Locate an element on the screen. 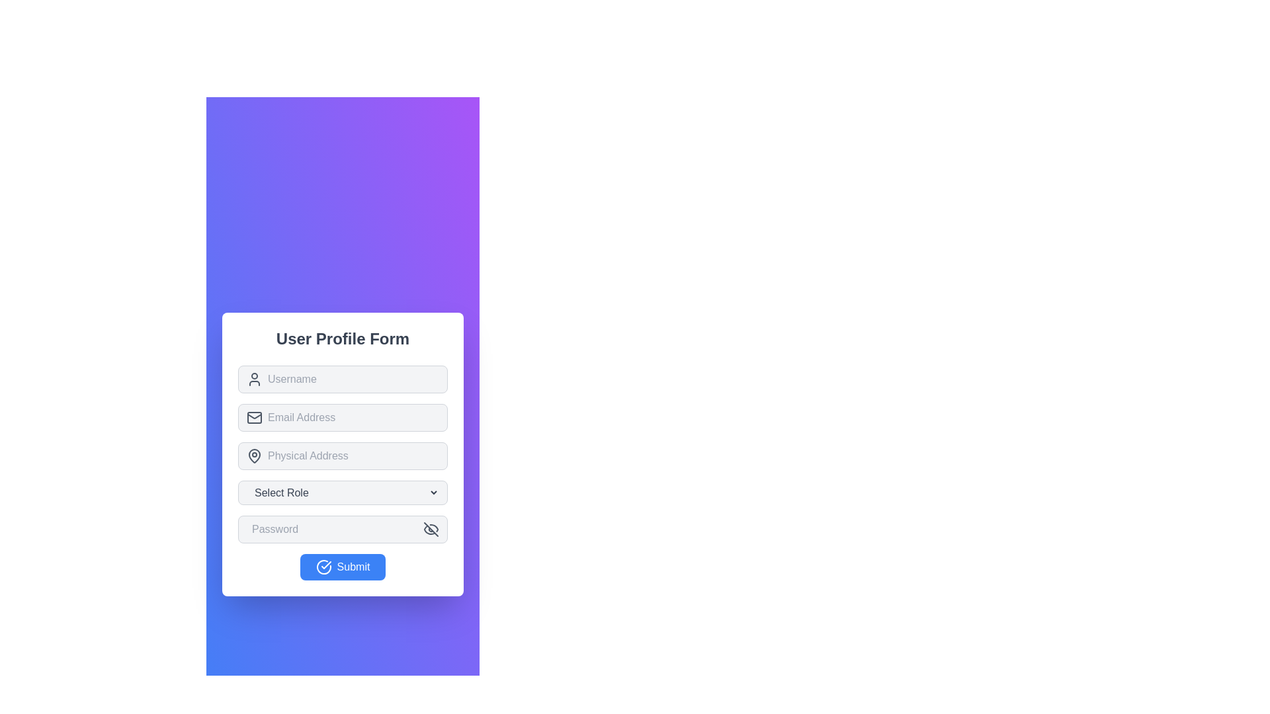 The image size is (1270, 714). the 'Submit' button located below the input fields is located at coordinates (343, 566).